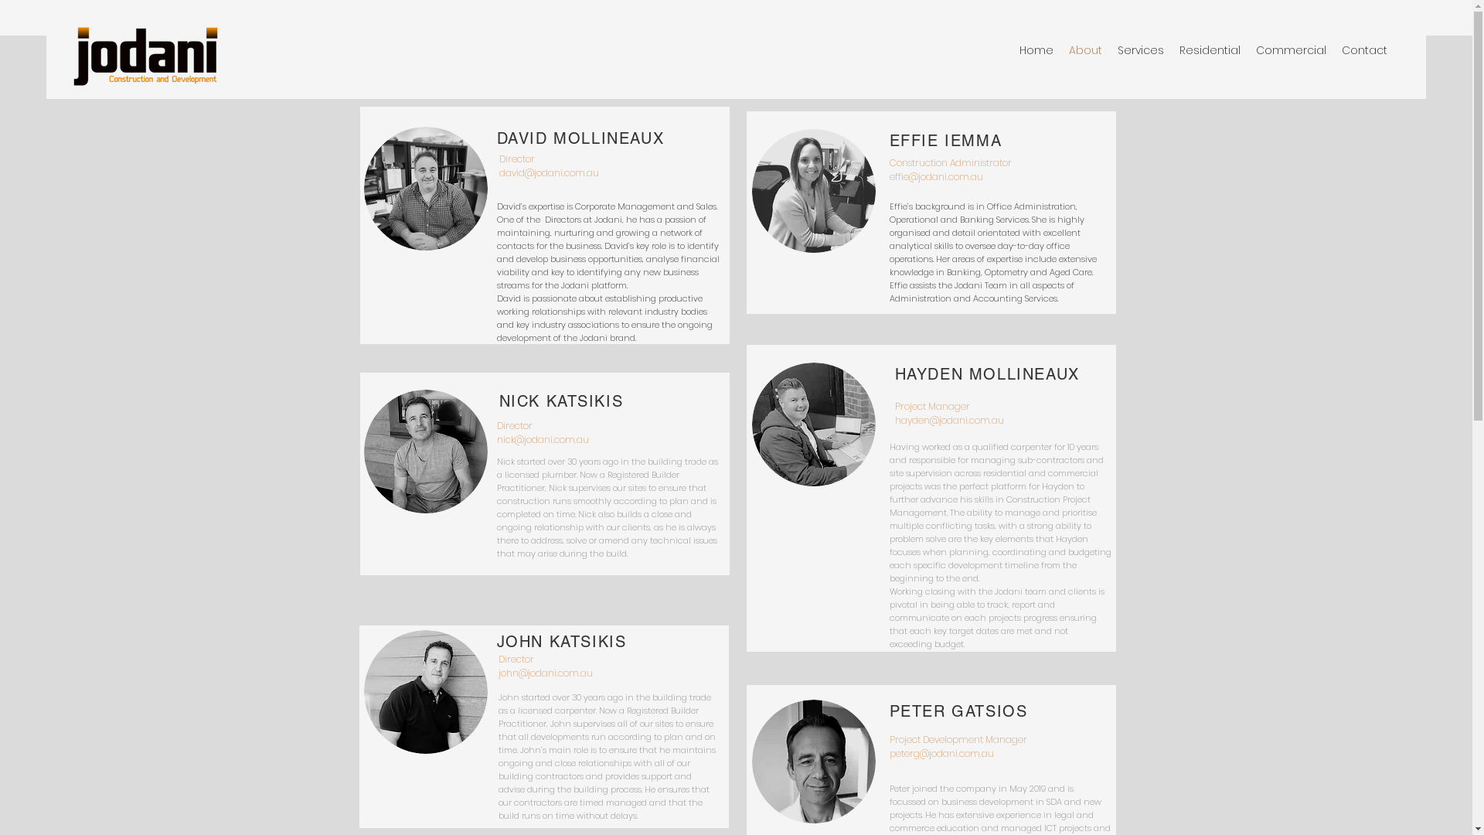 This screenshot has width=1484, height=835. Describe the element at coordinates (1036, 49) in the screenshot. I see `'Home'` at that location.